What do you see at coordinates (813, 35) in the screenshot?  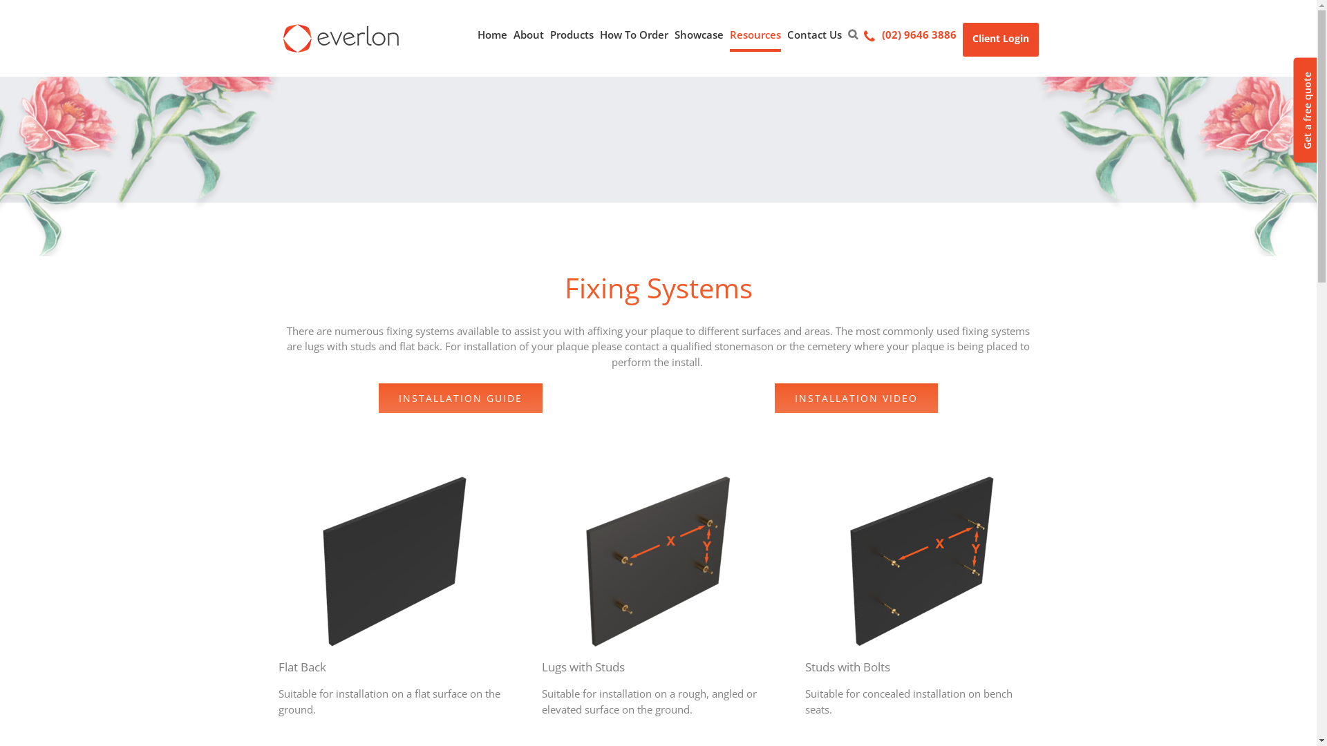 I see `'Contact Us'` at bounding box center [813, 35].